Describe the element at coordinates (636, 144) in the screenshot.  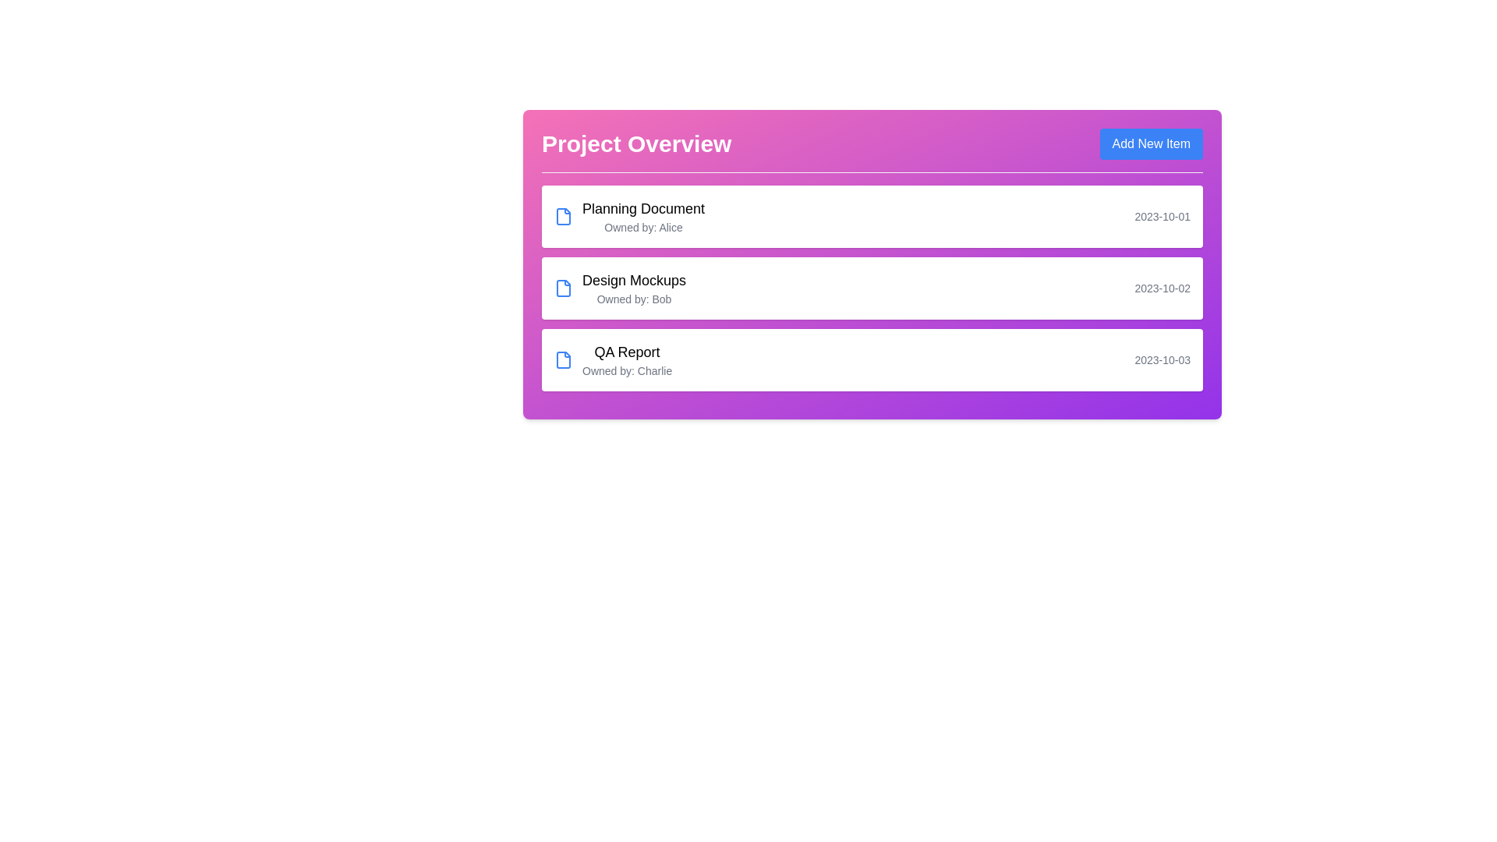
I see `the static text label 'Project Overview' which serves as a section title at the top-left of the header bar, positioned to the left of the 'Add New Item' button` at that location.